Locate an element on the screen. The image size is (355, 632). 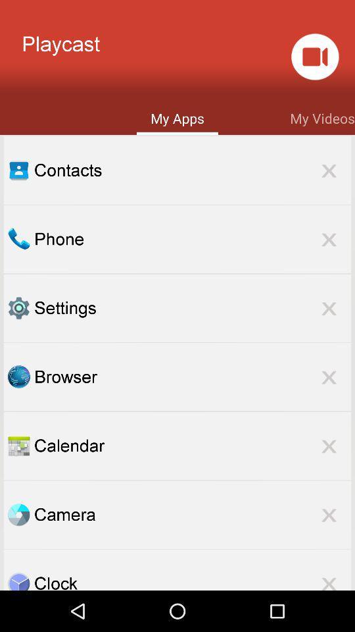
phone item is located at coordinates (192, 238).